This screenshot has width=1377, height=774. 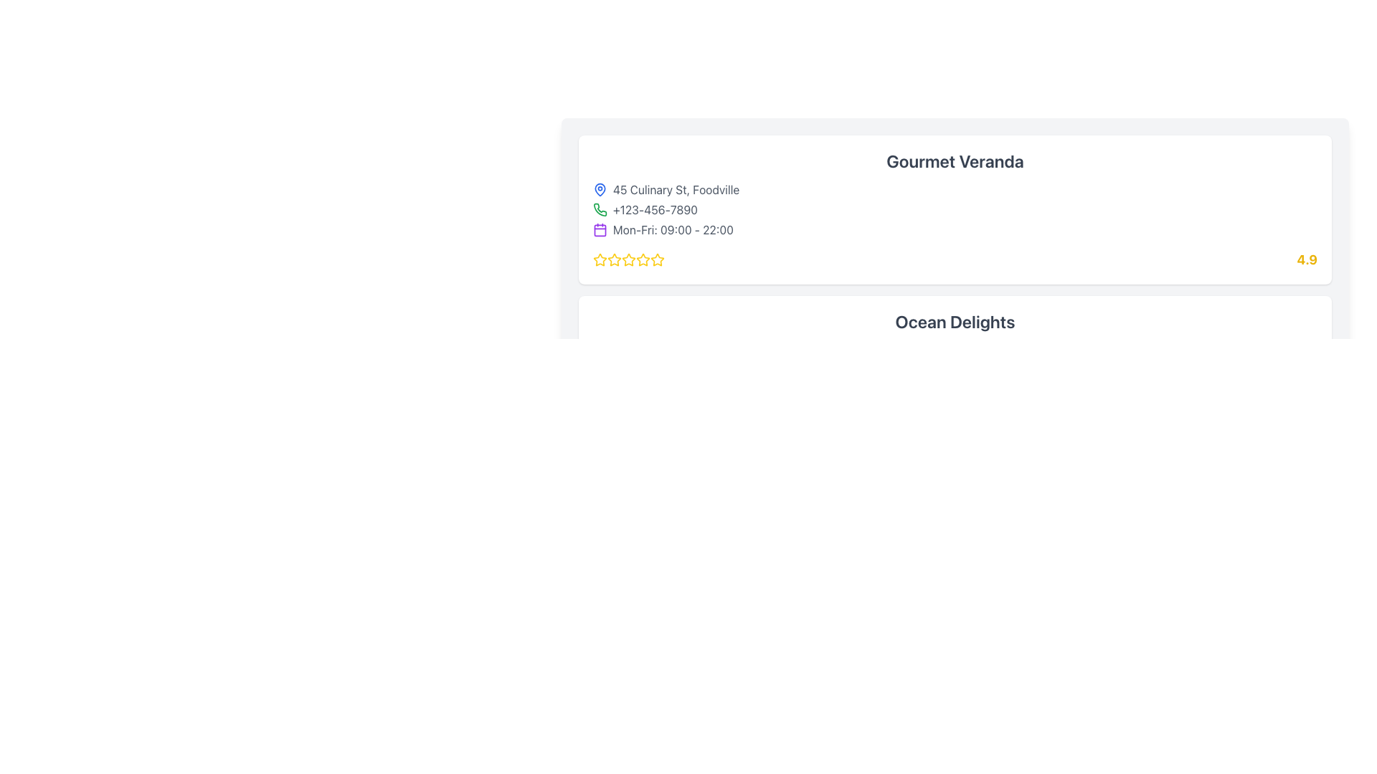 What do you see at coordinates (656, 259) in the screenshot?
I see `the fifth yellow star icon in the five-star rating system` at bounding box center [656, 259].